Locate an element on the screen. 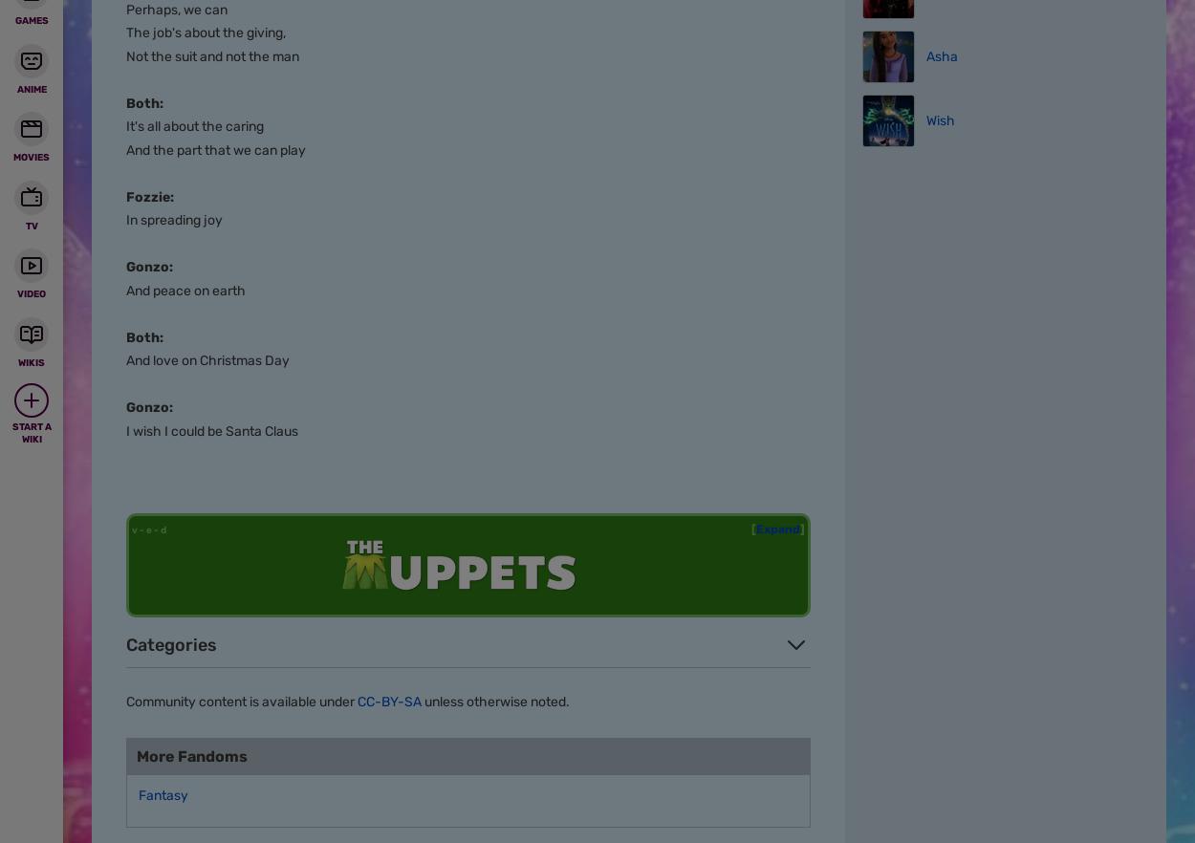 The image size is (1195, 843). 'View Mobile Site' is located at coordinates (629, 357).